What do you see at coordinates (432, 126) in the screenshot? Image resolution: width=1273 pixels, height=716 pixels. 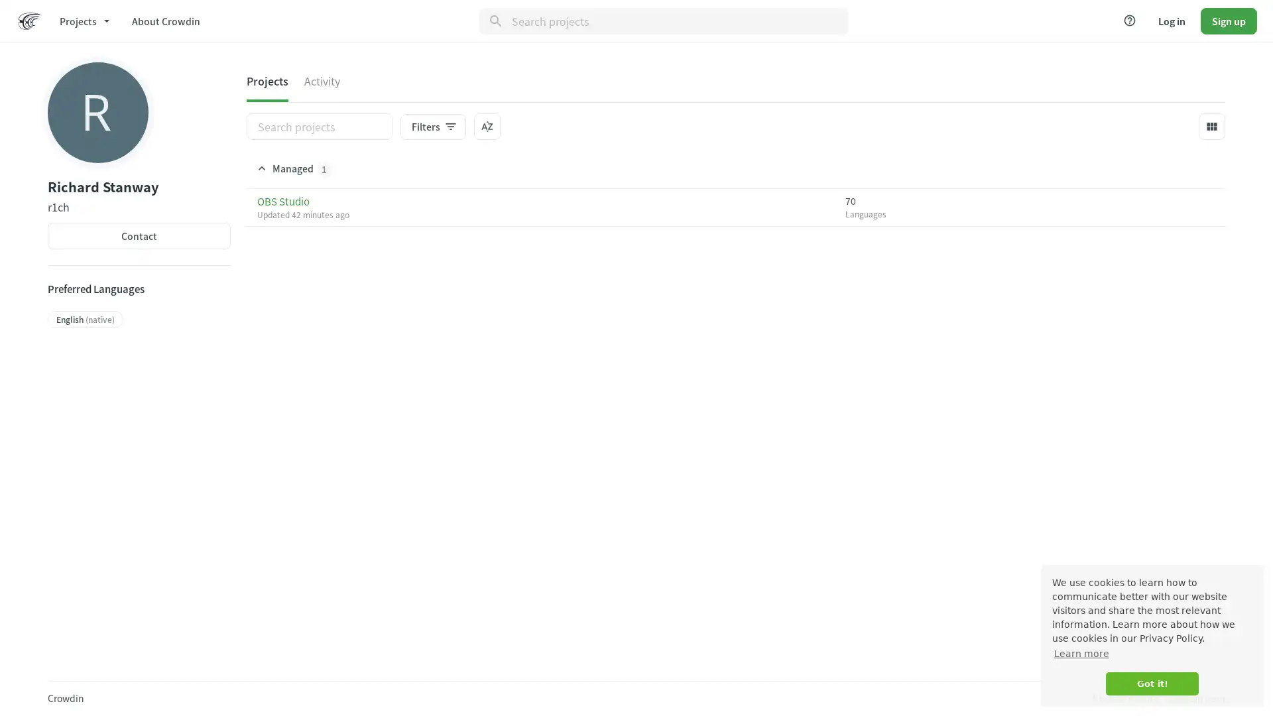 I see `Filtersfilter_list` at bounding box center [432, 126].